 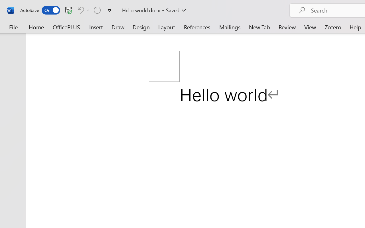 What do you see at coordinates (88, 10) in the screenshot?
I see `'More Options'` at bounding box center [88, 10].